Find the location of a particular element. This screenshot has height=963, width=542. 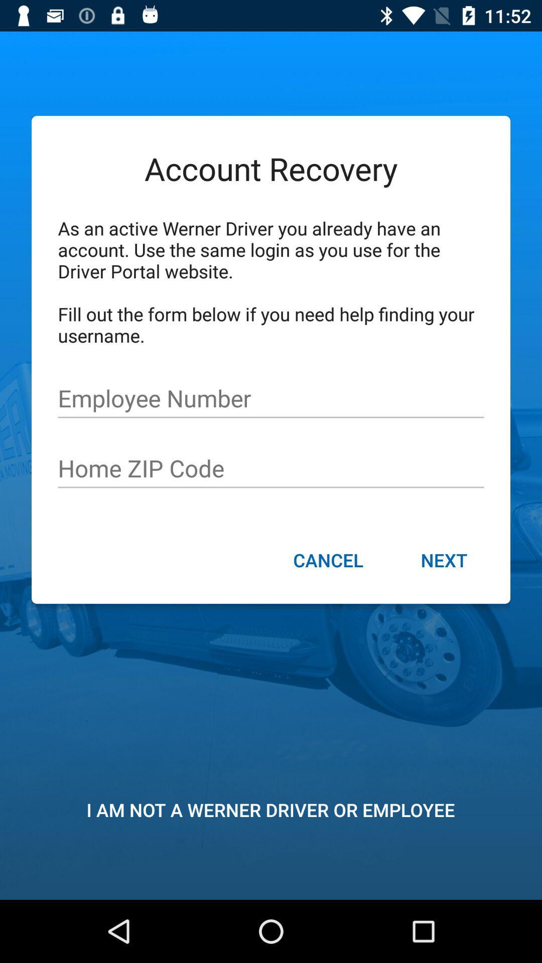

cancel icon is located at coordinates (328, 561).